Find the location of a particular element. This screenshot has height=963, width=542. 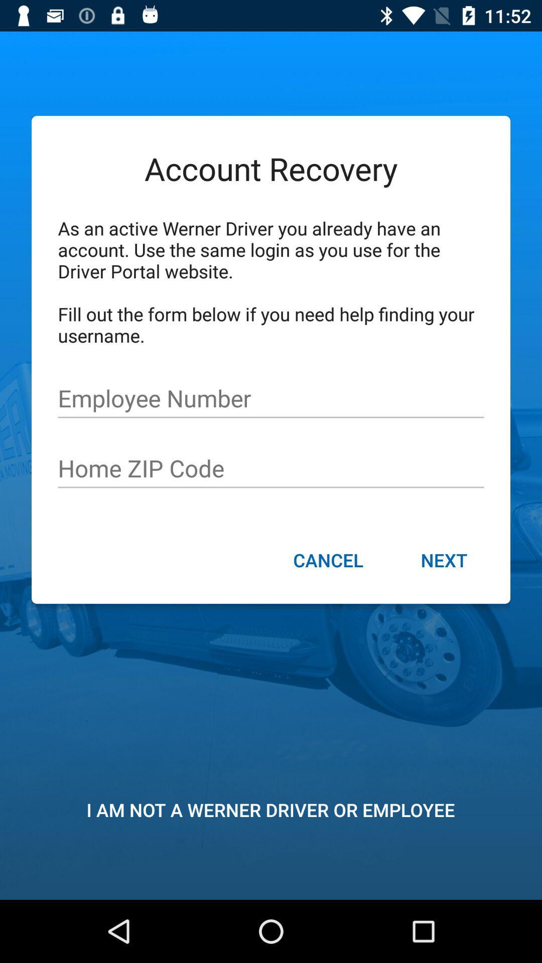

cancel icon is located at coordinates (328, 561).